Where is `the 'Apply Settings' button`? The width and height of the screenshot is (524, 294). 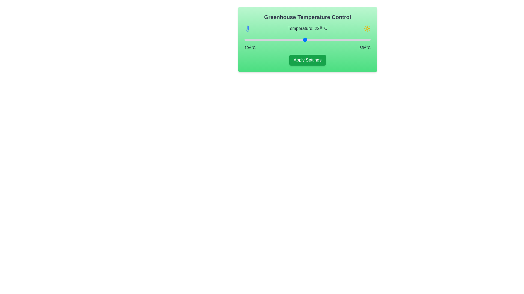 the 'Apply Settings' button is located at coordinates (308, 60).